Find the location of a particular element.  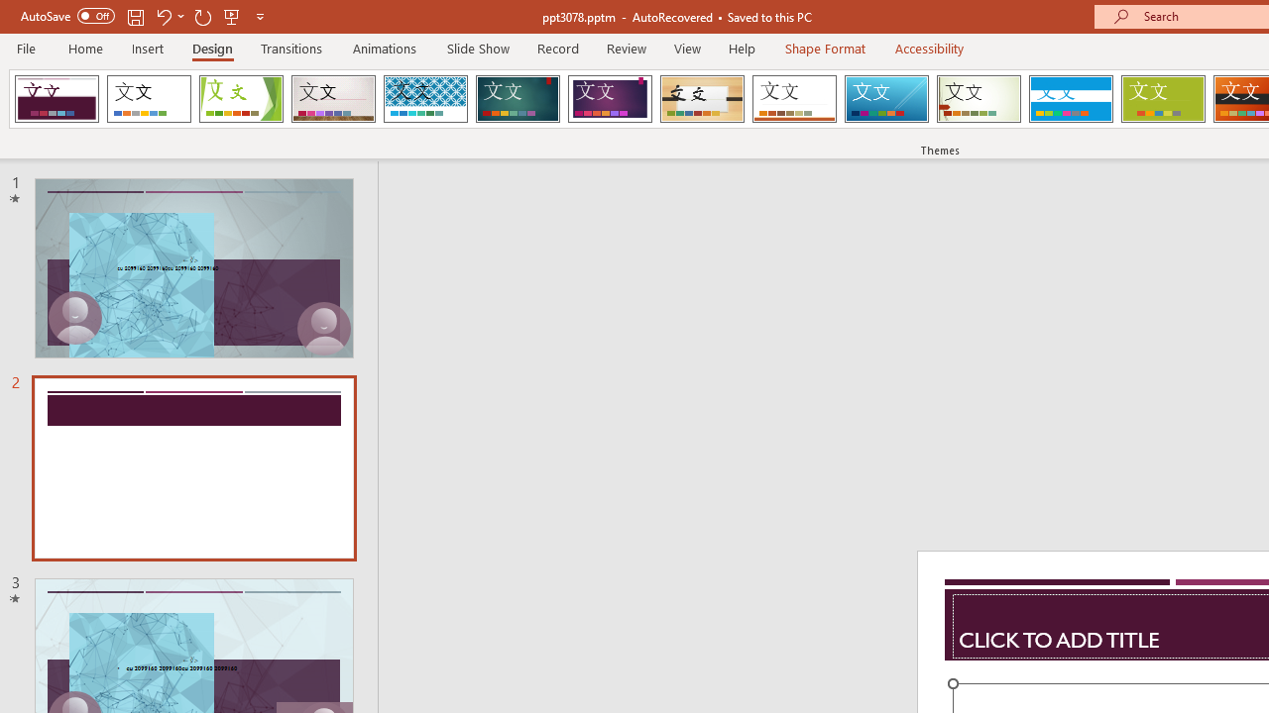

'Facet' is located at coordinates (240, 99).